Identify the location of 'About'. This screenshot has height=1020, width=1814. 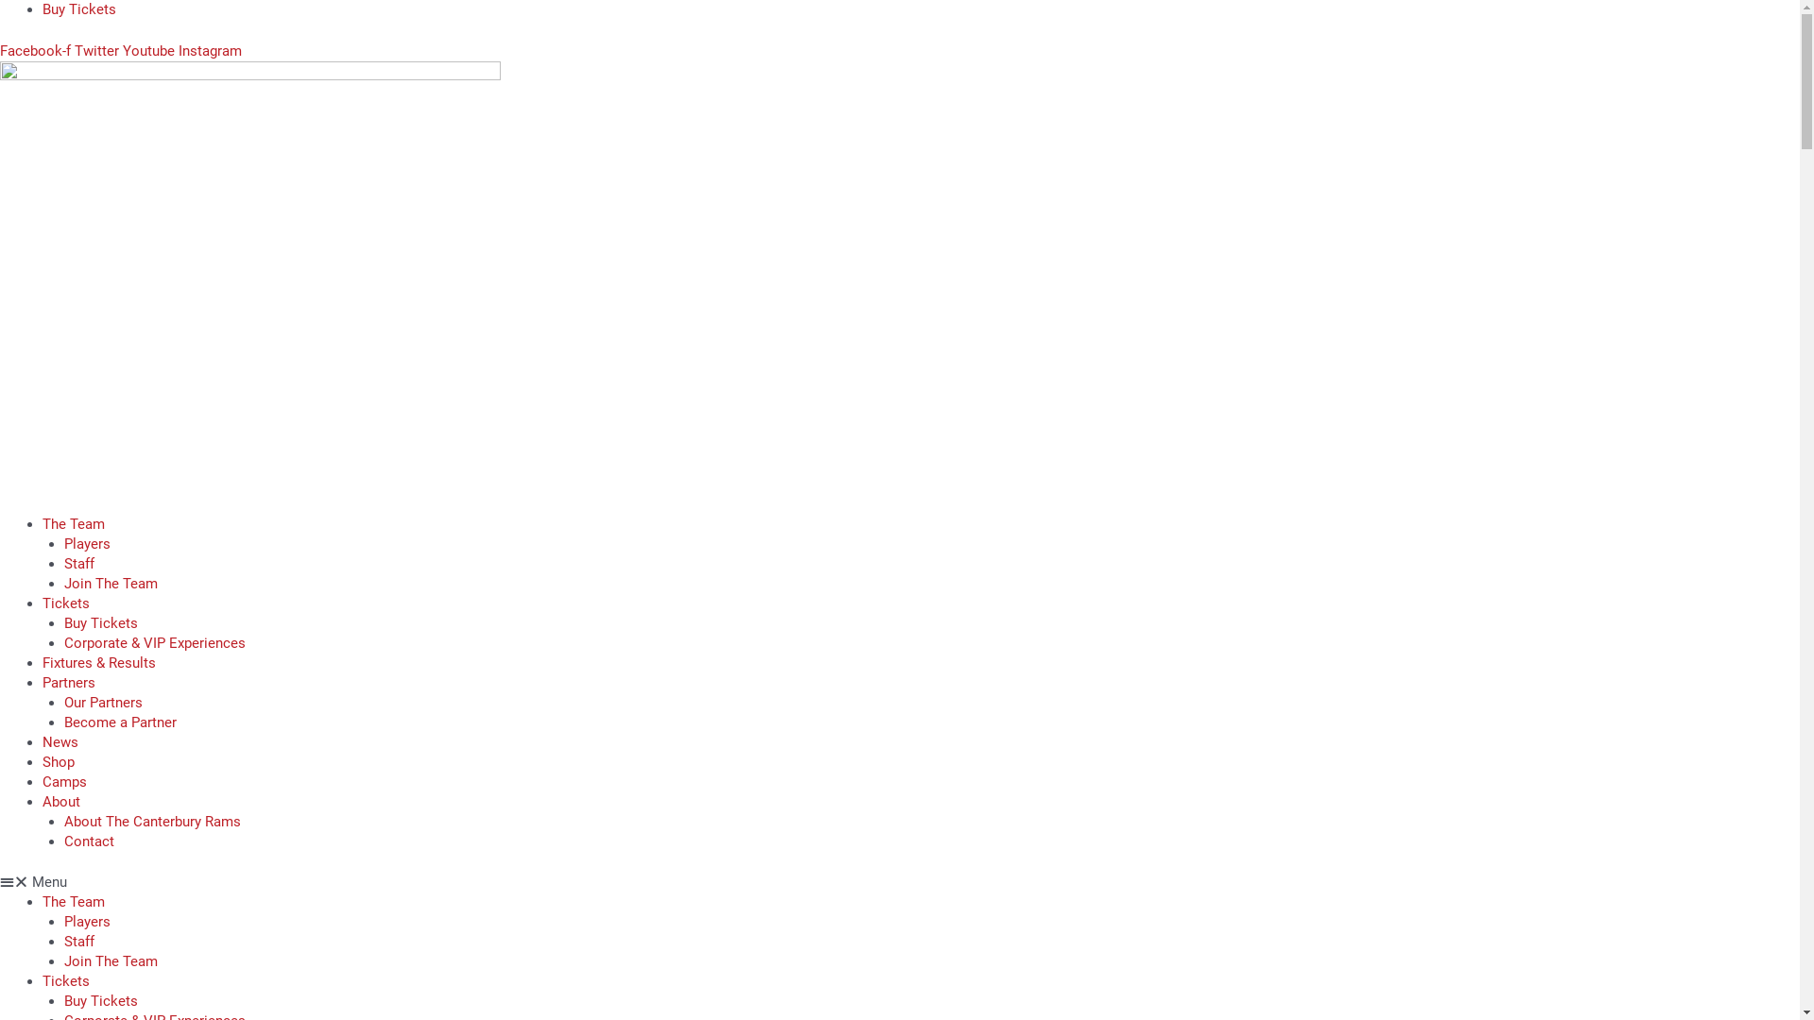
(61, 801).